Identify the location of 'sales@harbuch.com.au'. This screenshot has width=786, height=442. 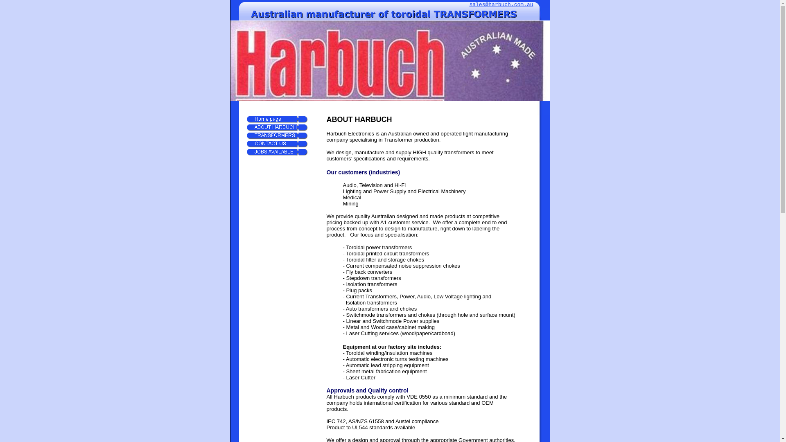
(501, 5).